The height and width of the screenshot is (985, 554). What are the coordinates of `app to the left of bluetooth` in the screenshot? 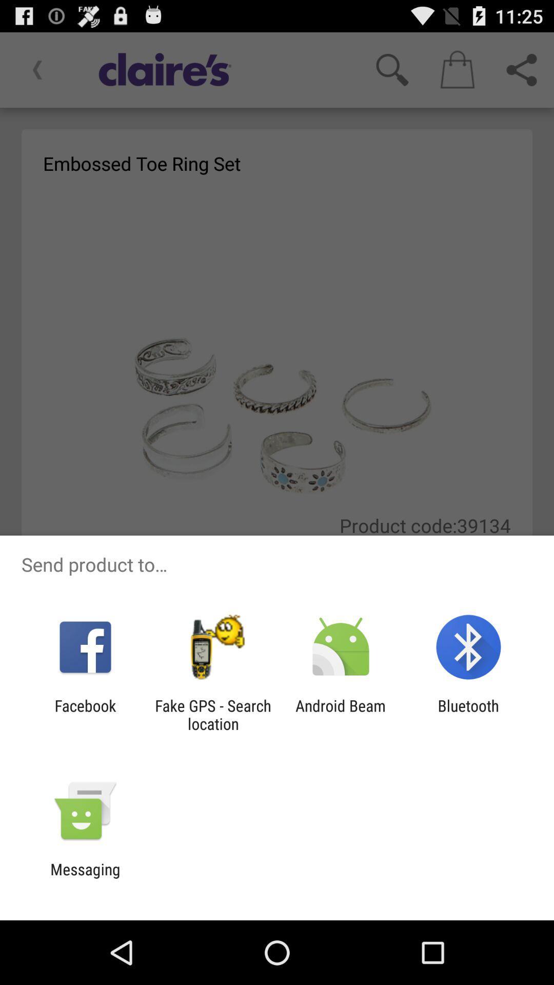 It's located at (341, 714).